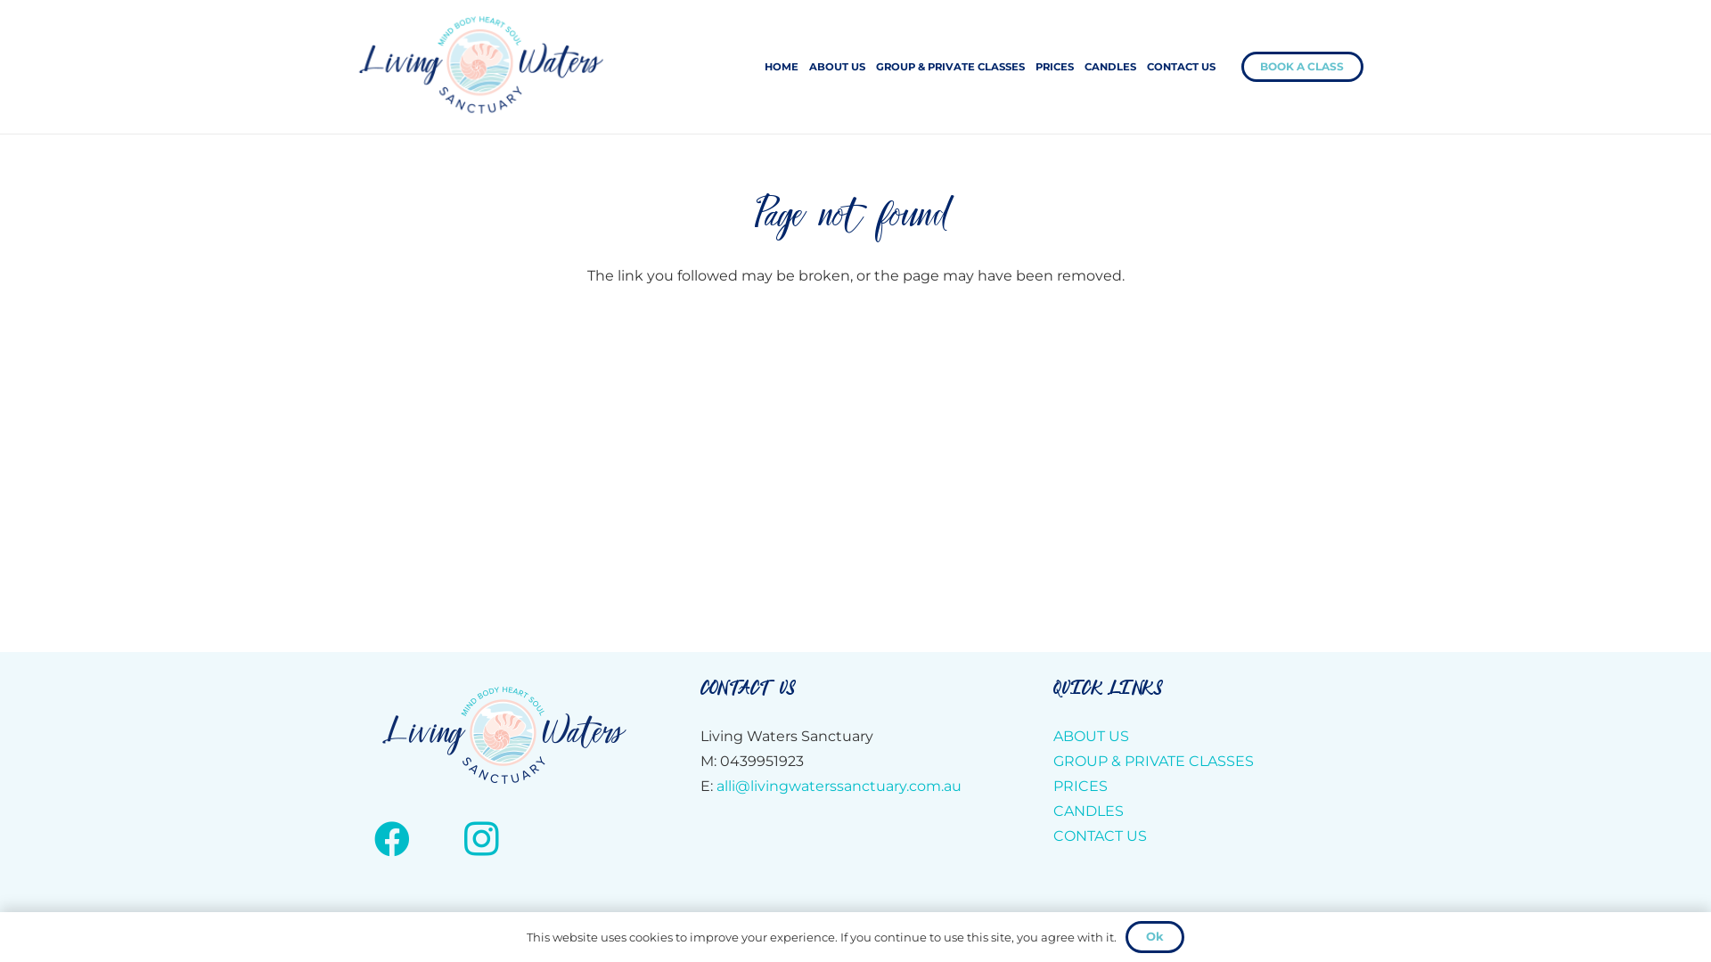 This screenshot has height=962, width=1711. What do you see at coordinates (391, 838) in the screenshot?
I see `'Facebook'` at bounding box center [391, 838].